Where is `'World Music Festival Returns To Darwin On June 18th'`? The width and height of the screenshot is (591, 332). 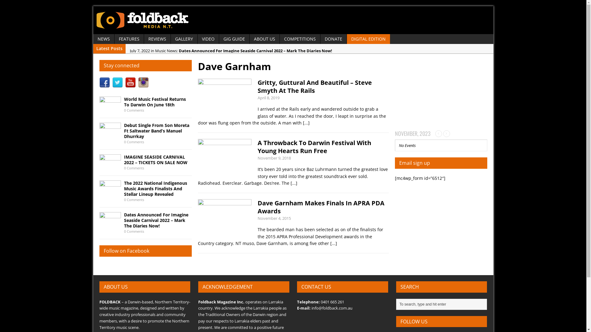 'World Music Festival Returns To Darwin On June 18th' is located at coordinates (155, 101).